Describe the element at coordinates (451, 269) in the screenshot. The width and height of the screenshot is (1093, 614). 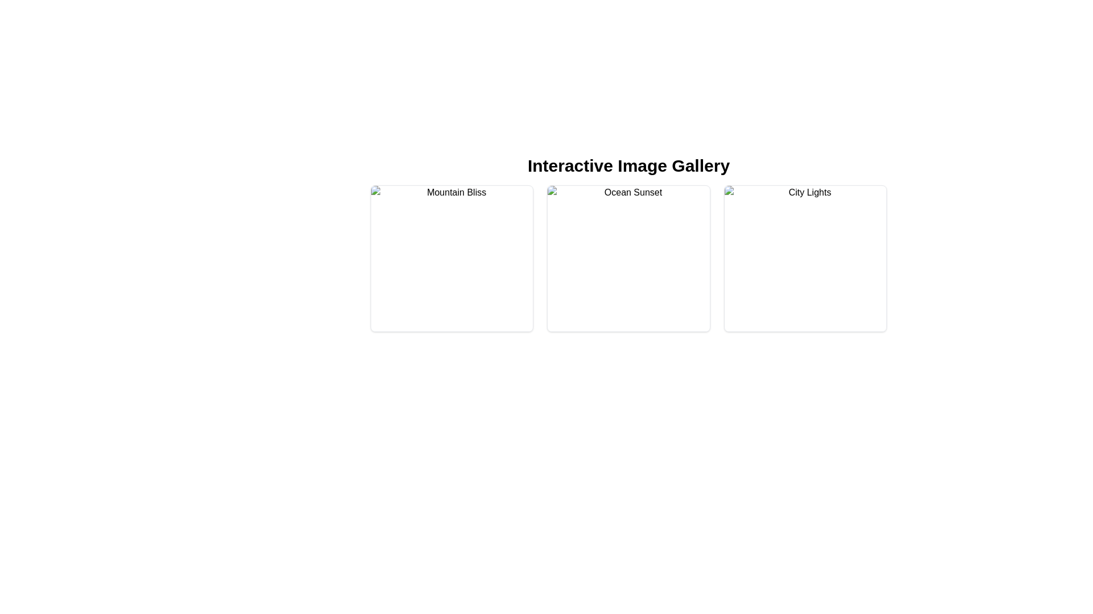
I see `the visual content of the tag icon located in the center of the 'Mountain Bliss' card in the interactive image gallery` at that location.